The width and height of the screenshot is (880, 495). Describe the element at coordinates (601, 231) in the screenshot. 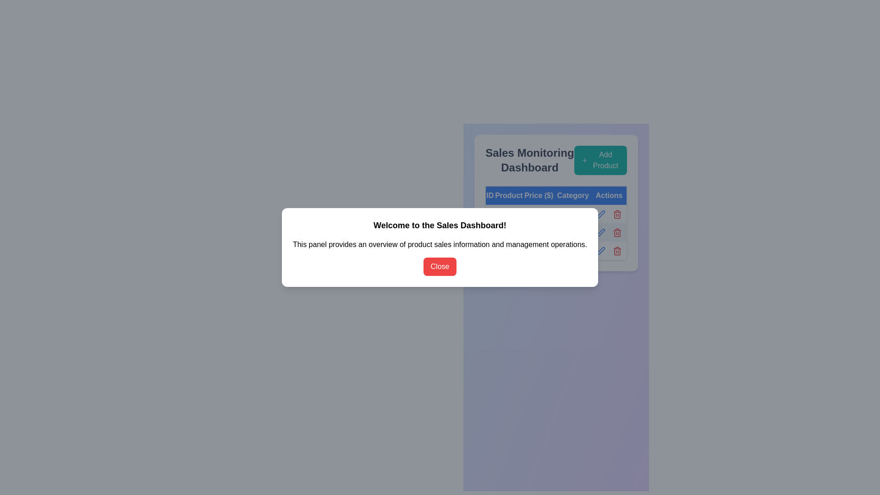

I see `the small blue pen-shaped icon button, which is located to the right of the 'Actions' row in the table` at that location.